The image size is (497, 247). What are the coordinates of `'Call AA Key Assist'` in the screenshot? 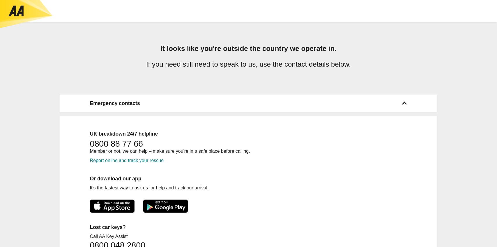 It's located at (108, 236).